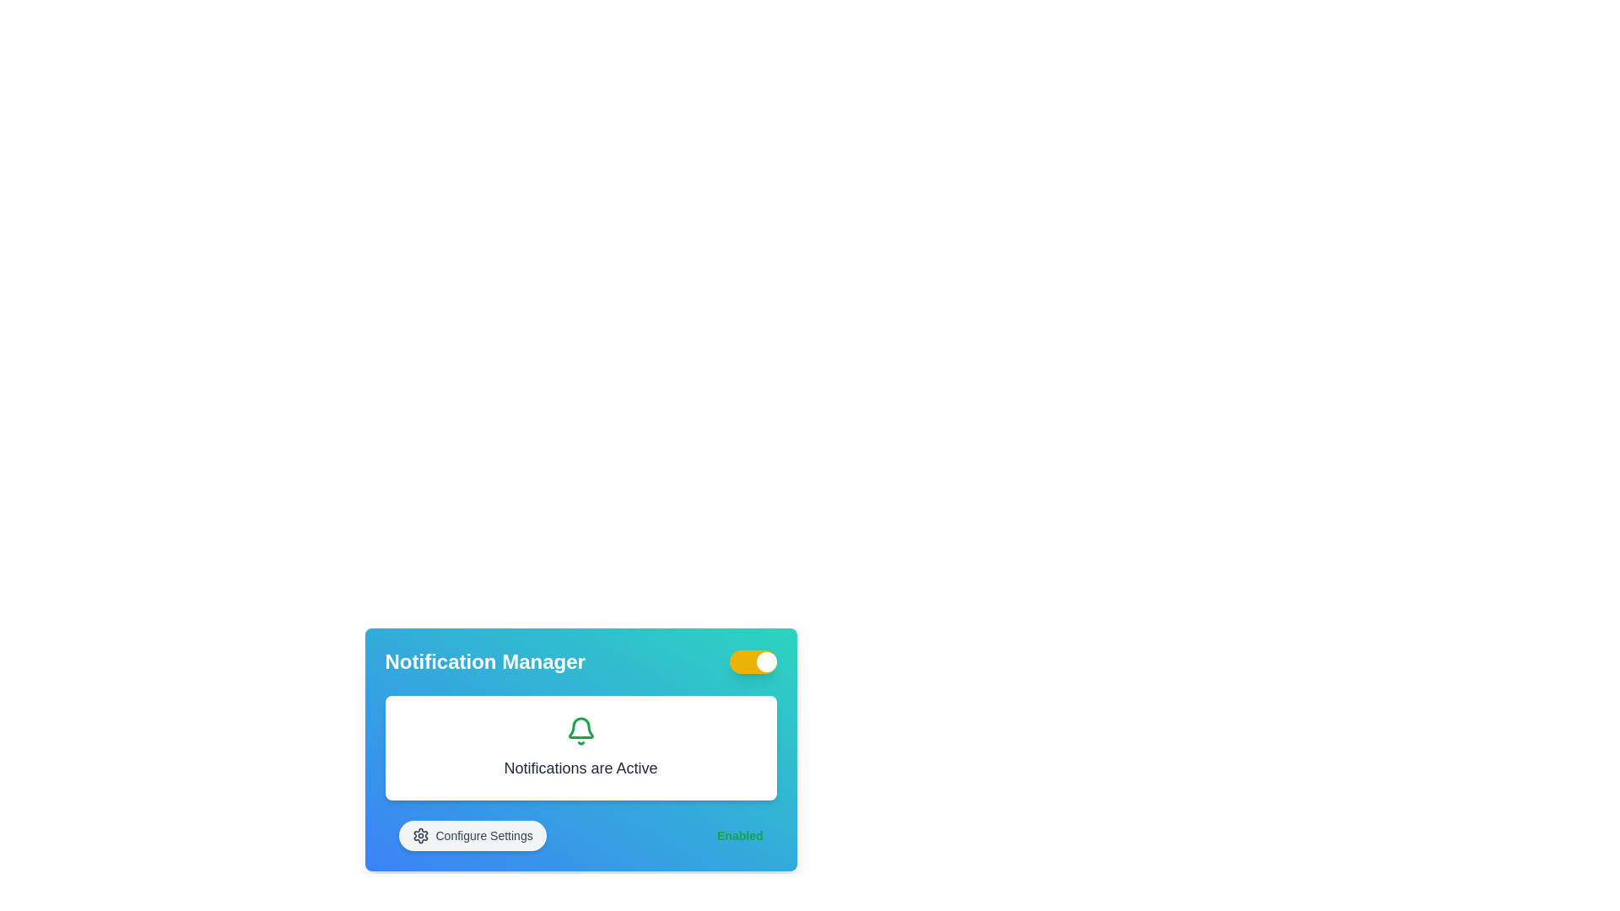 The height and width of the screenshot is (911, 1620). What do you see at coordinates (752, 661) in the screenshot?
I see `the yellow toggle switch with a rounded white handle on the right side to change its state` at bounding box center [752, 661].